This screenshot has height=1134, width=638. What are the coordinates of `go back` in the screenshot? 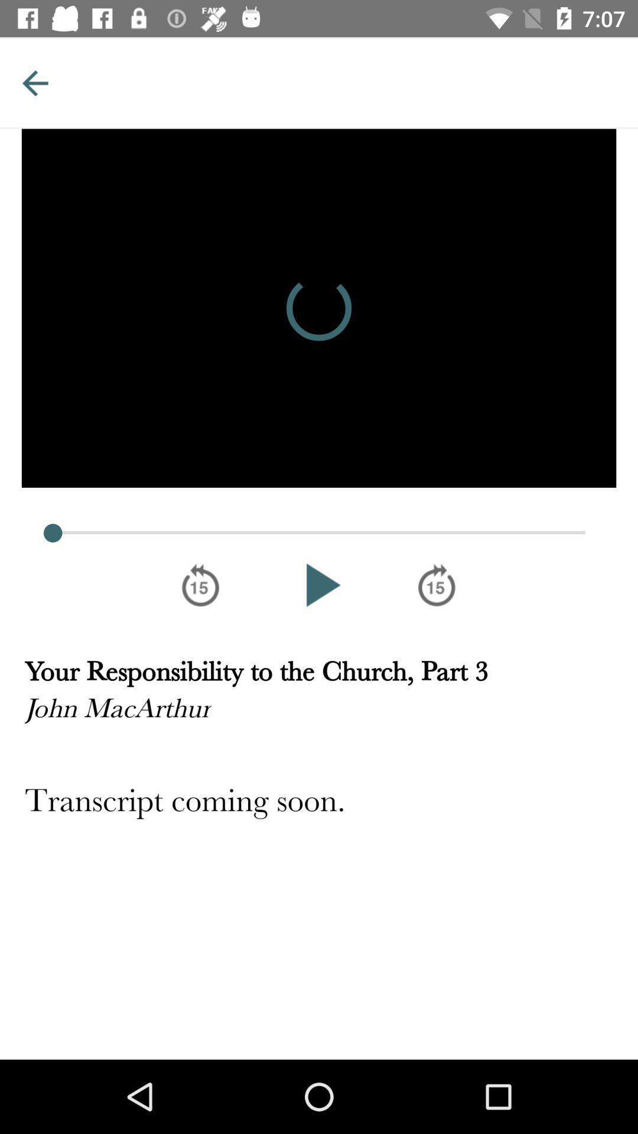 It's located at (34, 82).